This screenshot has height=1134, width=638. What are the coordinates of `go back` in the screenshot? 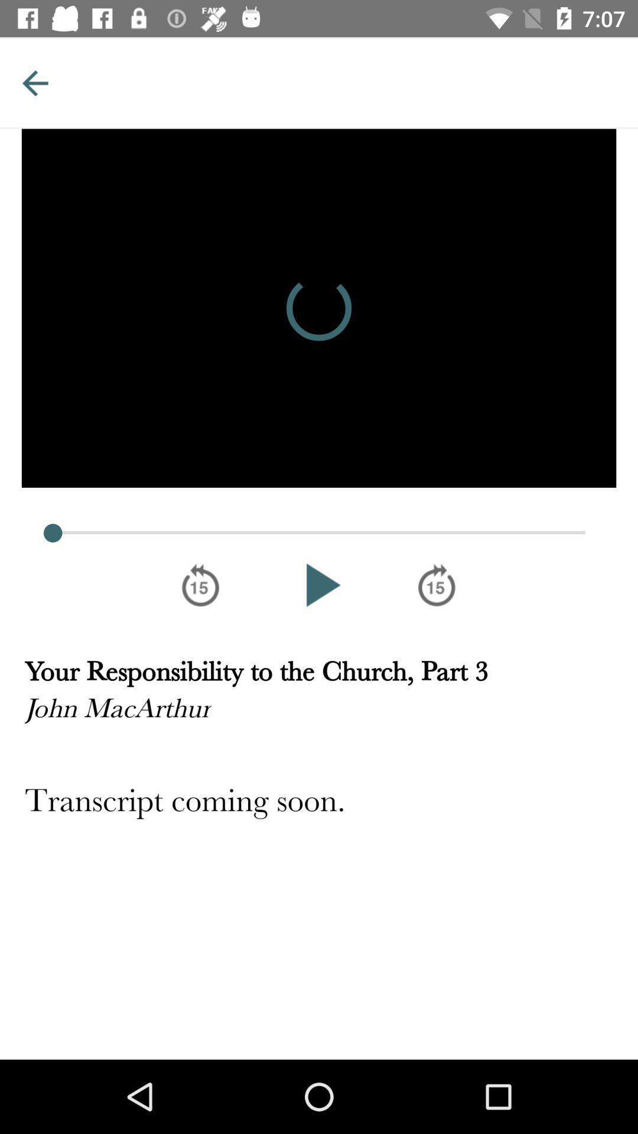 It's located at (34, 82).